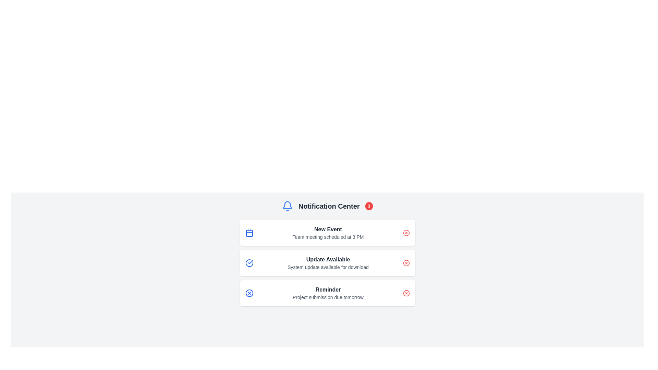  I want to click on the second notification card in the Notification Center that informs the user about an available system update for download, so click(328, 262).